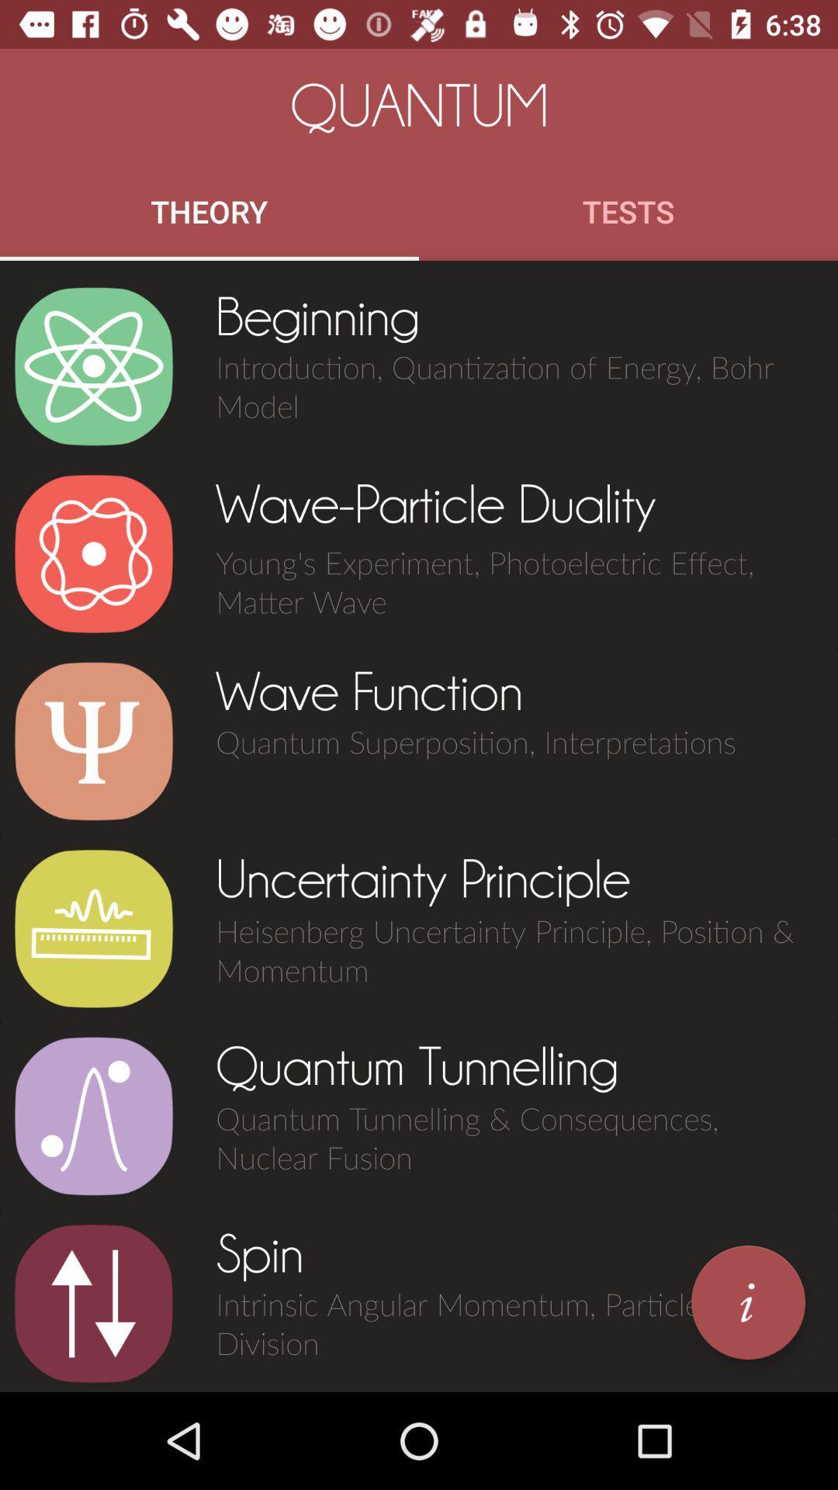 This screenshot has width=838, height=1490. Describe the element at coordinates (93, 1304) in the screenshot. I see `choose upward and downward` at that location.